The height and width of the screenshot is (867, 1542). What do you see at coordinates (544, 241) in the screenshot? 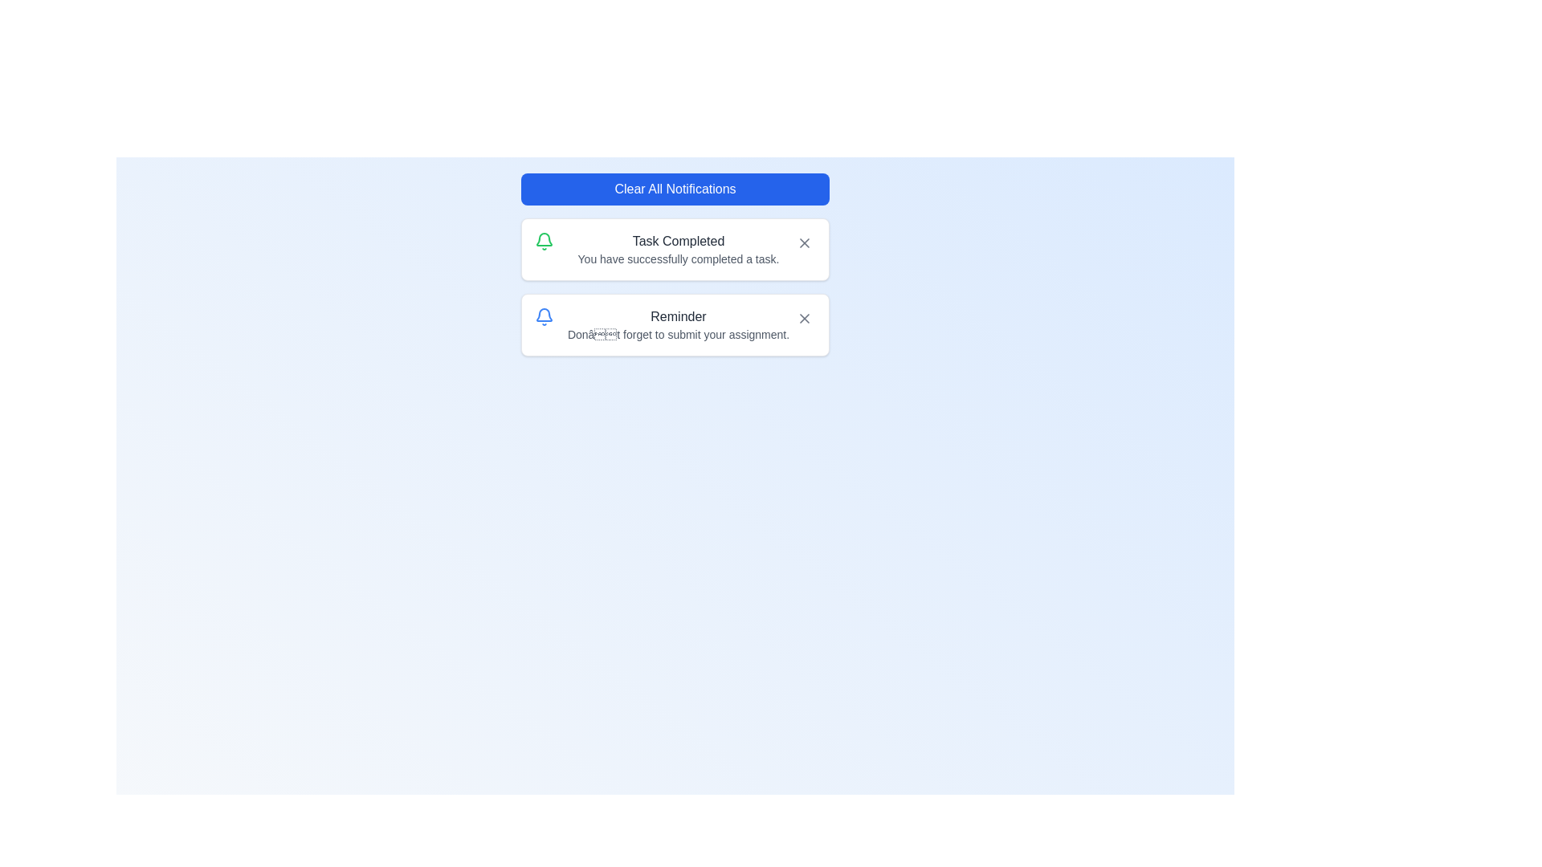
I see `the bell icon located to the left of the 'Task Completed' title in the notification card` at bounding box center [544, 241].